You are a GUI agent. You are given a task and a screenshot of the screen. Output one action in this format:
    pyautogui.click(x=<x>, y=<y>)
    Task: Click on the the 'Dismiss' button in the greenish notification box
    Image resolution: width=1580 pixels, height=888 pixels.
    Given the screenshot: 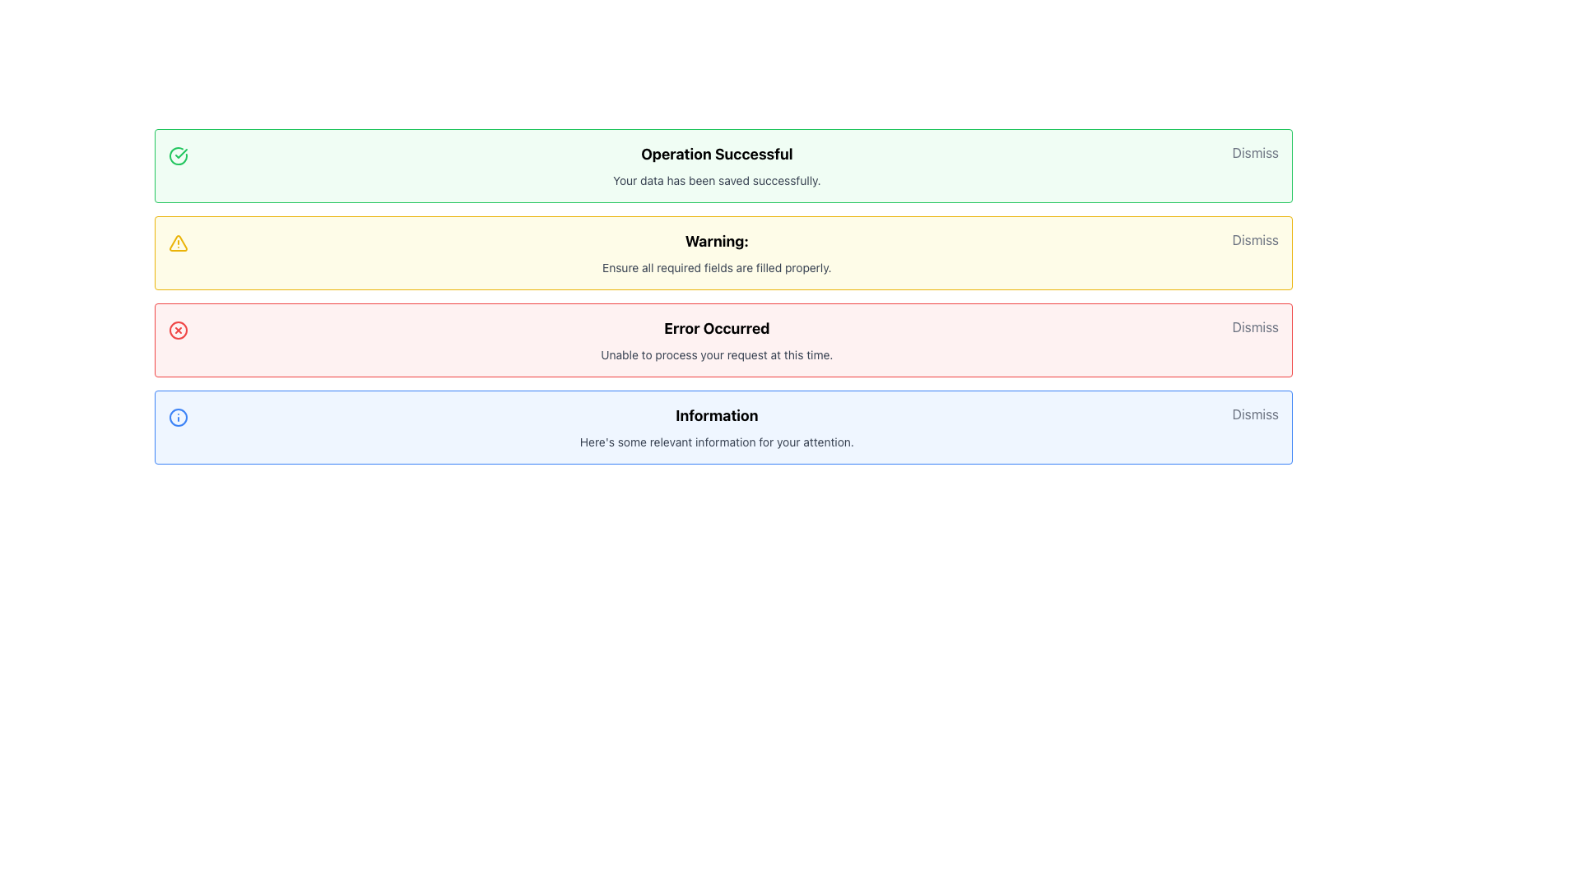 What is the action you would take?
    pyautogui.click(x=1254, y=152)
    